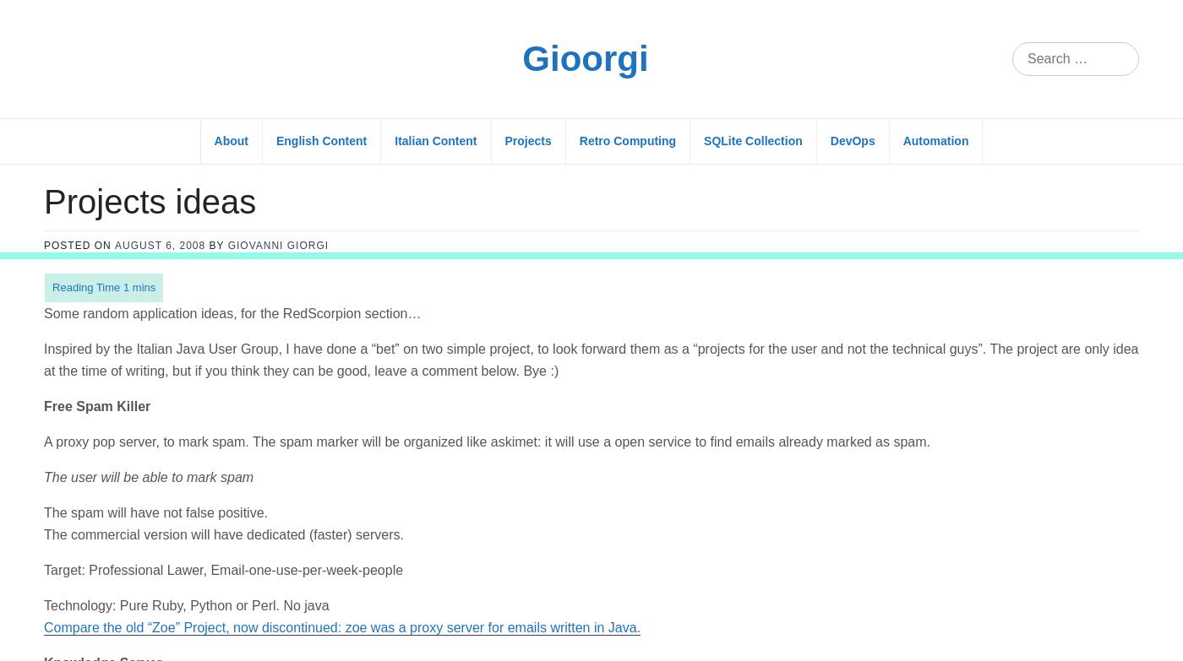 Image resolution: width=1183 pixels, height=661 pixels. Describe the element at coordinates (385, 625) in the screenshot. I see `'The commercial support will provide additional plugin for enterprise (for instance, a oracle/db2 optimized backend).'` at that location.